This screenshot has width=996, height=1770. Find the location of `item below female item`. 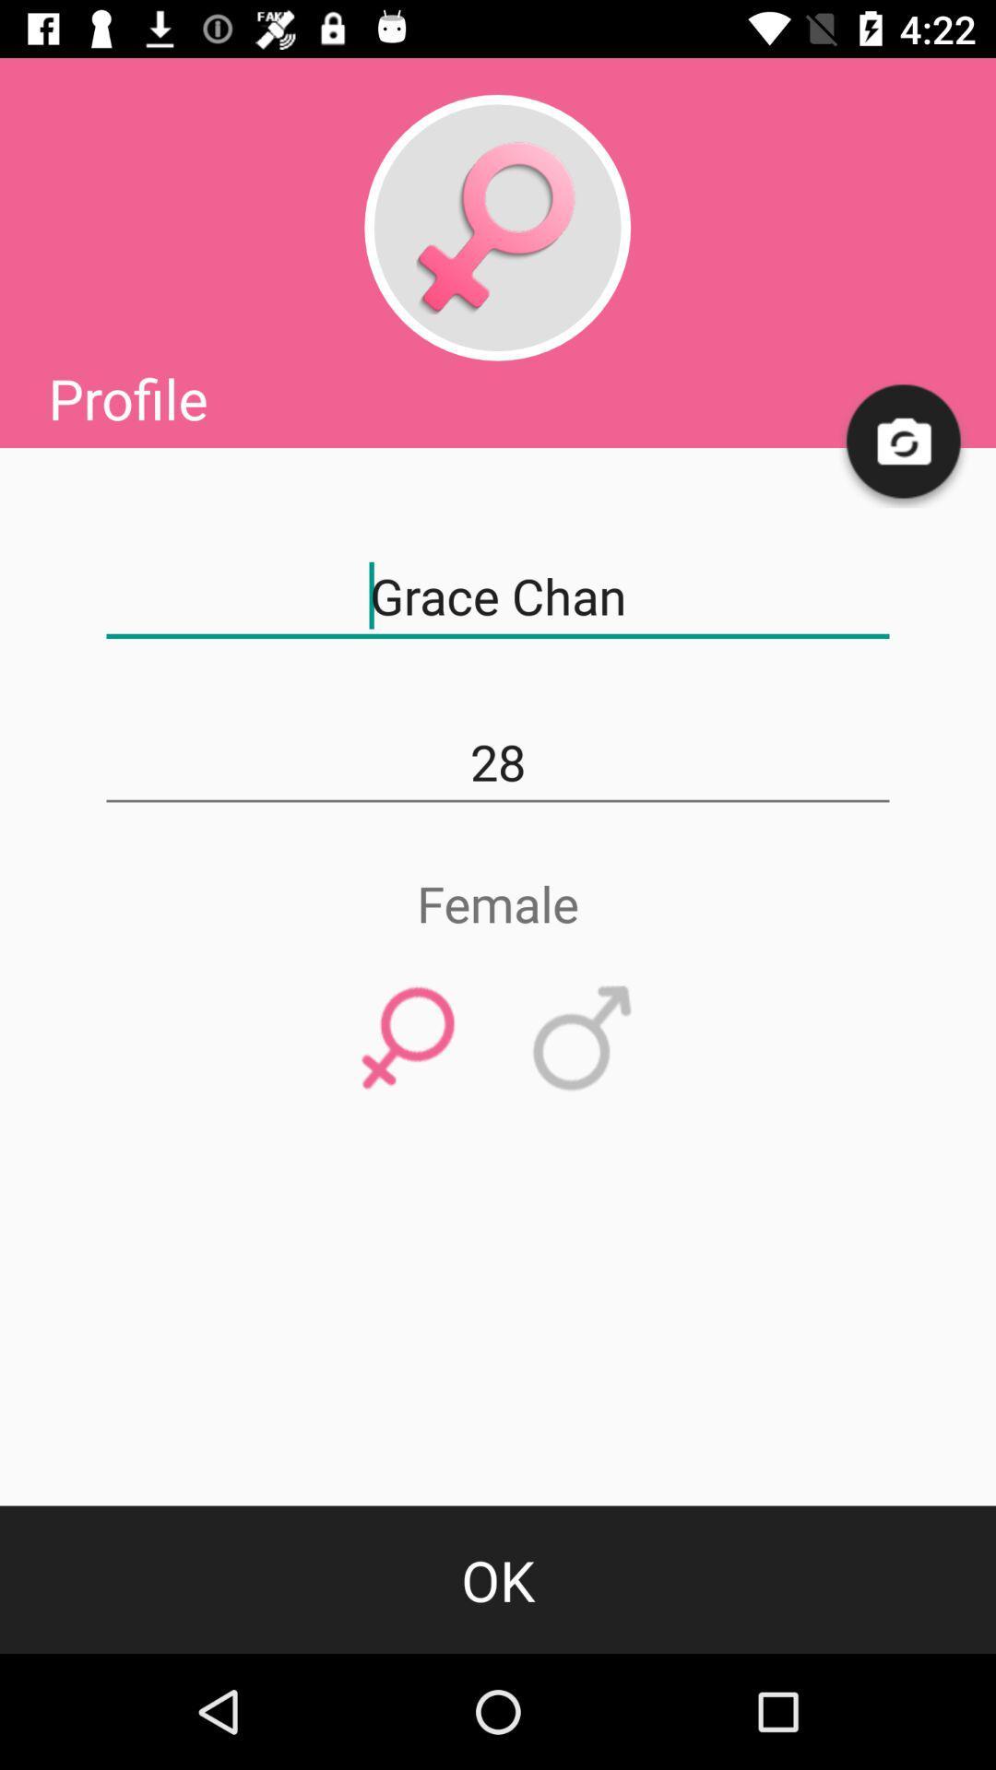

item below female item is located at coordinates (408, 1039).